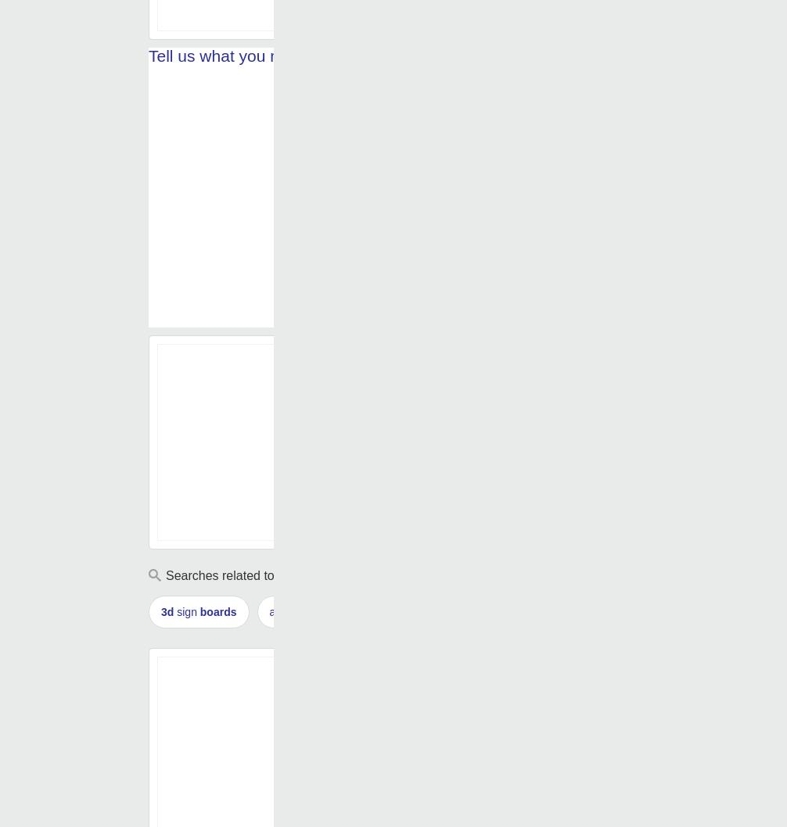 The width and height of the screenshot is (787, 827). Describe the element at coordinates (185, 320) in the screenshot. I see `'Name'` at that location.